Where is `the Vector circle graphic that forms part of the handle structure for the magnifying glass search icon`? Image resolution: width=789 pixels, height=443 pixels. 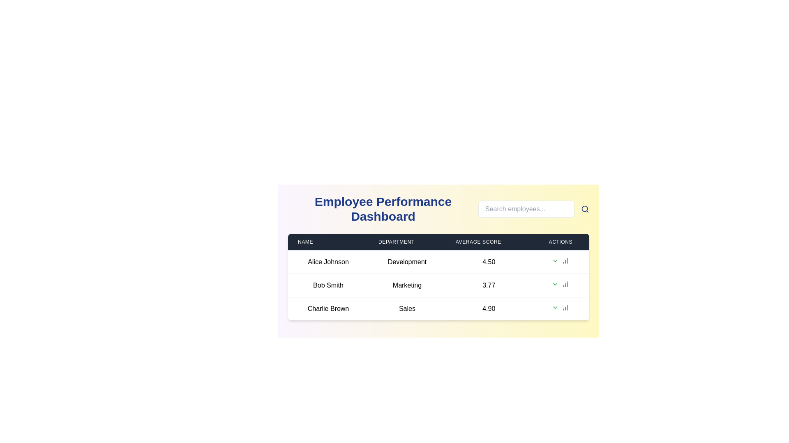
the Vector circle graphic that forms part of the handle structure for the magnifying glass search icon is located at coordinates (584, 208).